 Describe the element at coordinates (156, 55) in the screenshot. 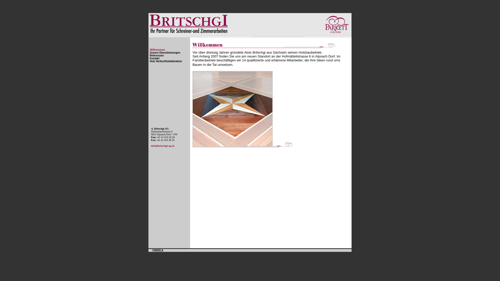

I see `'Referenzen'` at that location.